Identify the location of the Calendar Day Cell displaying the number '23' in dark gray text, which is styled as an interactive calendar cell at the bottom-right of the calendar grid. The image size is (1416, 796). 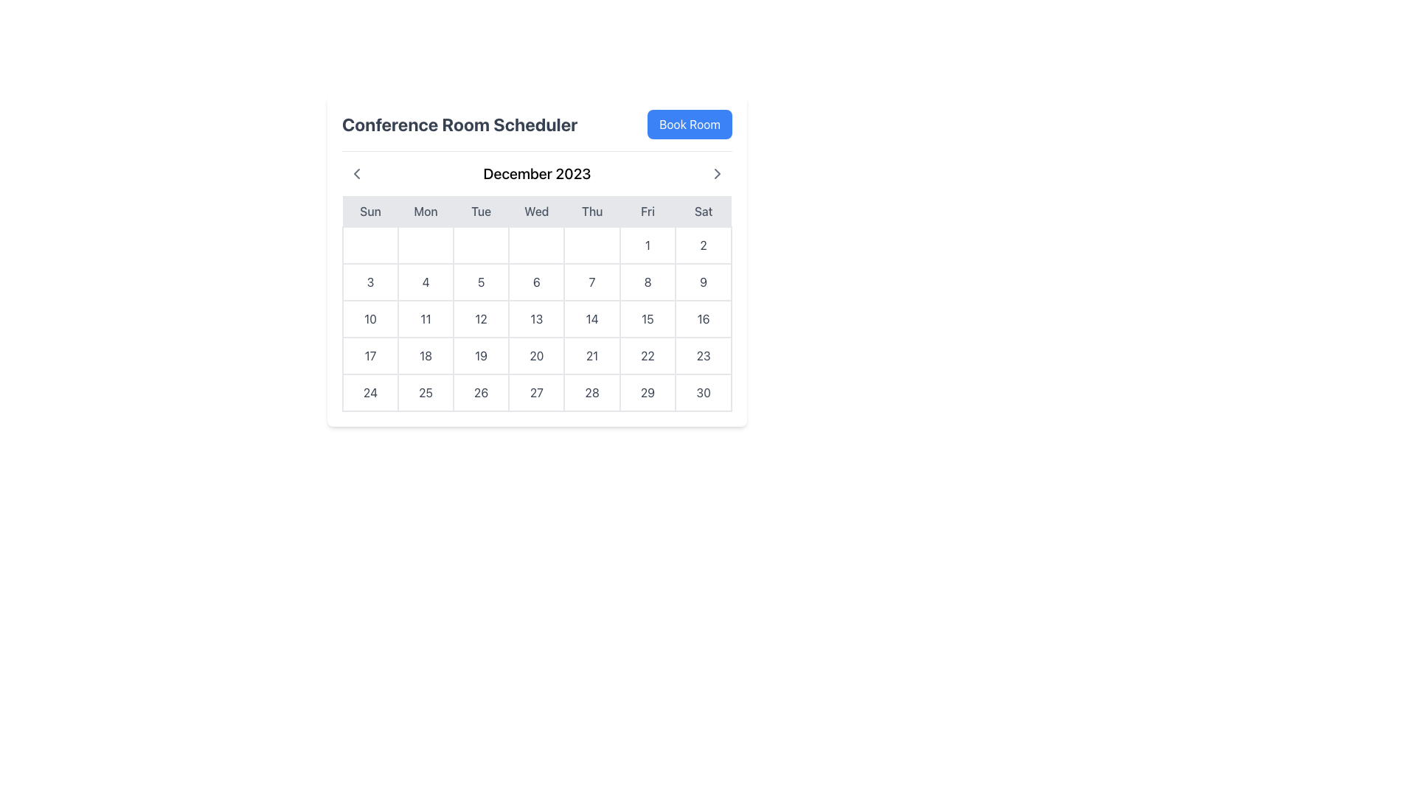
(703, 355).